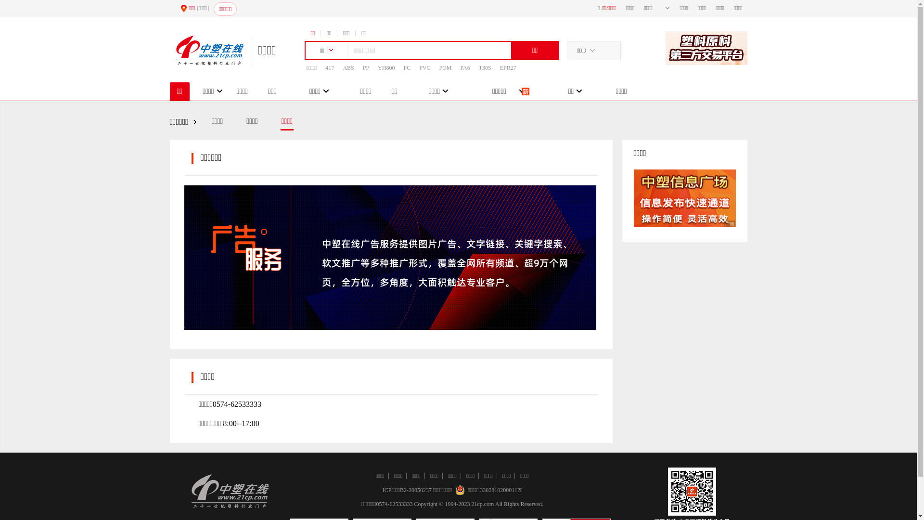 The height and width of the screenshot is (520, 924). I want to click on 'T30S', so click(485, 67).